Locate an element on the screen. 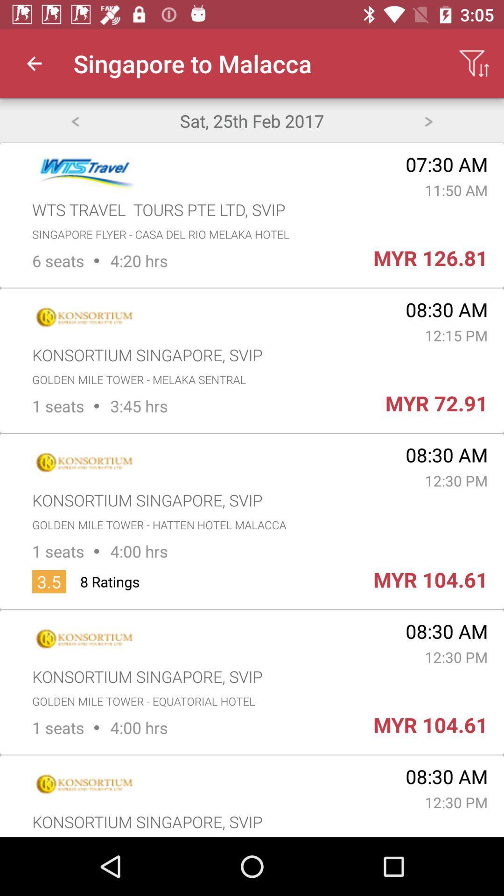 The width and height of the screenshot is (504, 896). item next to sat 25th feb item is located at coordinates (428, 120).